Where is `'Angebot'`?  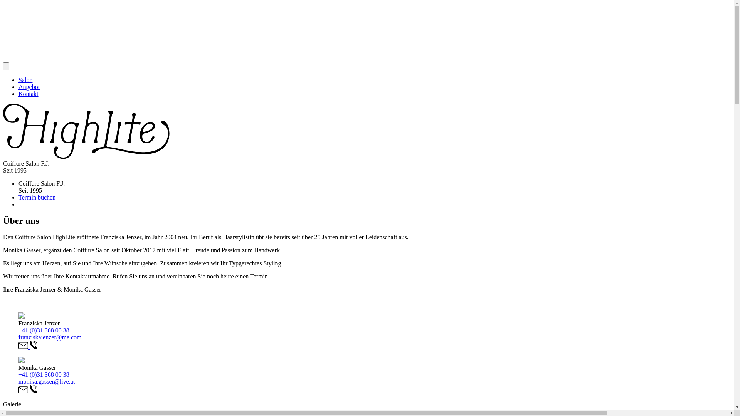 'Angebot' is located at coordinates (18, 87).